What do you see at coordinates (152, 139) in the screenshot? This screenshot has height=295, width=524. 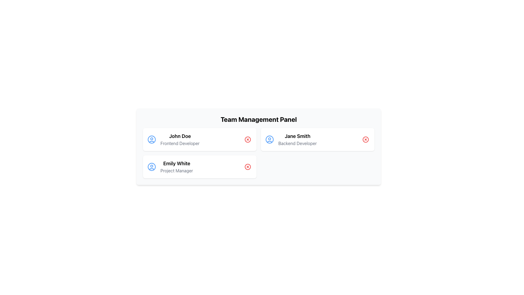 I see `the outermost circular shape of the user profile icon located in the left section of the second card in the 'Team Management Panel' interface` at bounding box center [152, 139].